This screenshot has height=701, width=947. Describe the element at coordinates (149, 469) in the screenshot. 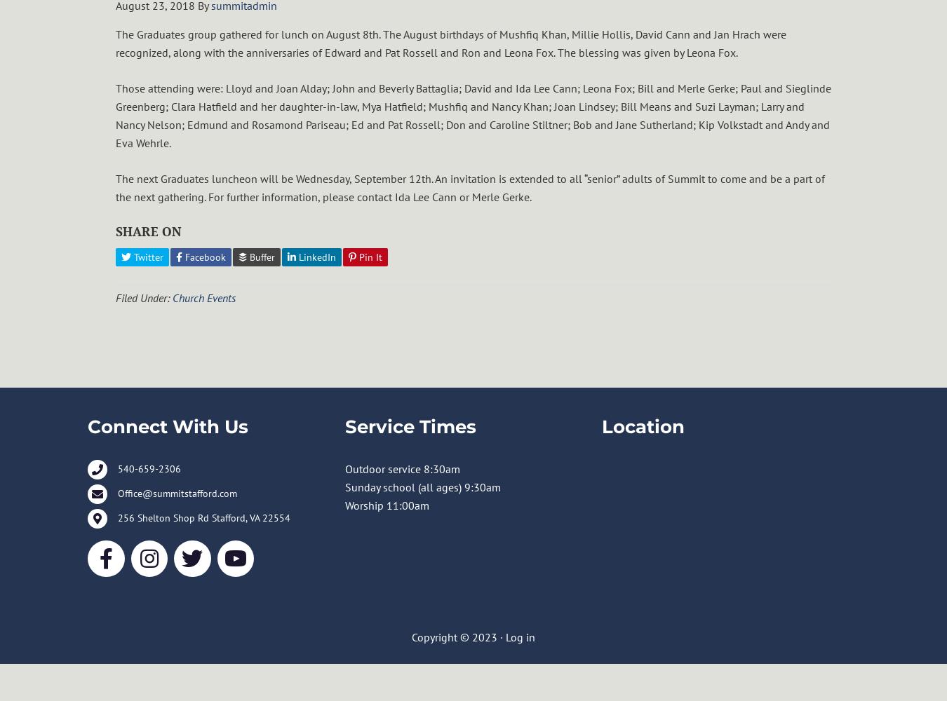

I see `'540-659-2306'` at that location.